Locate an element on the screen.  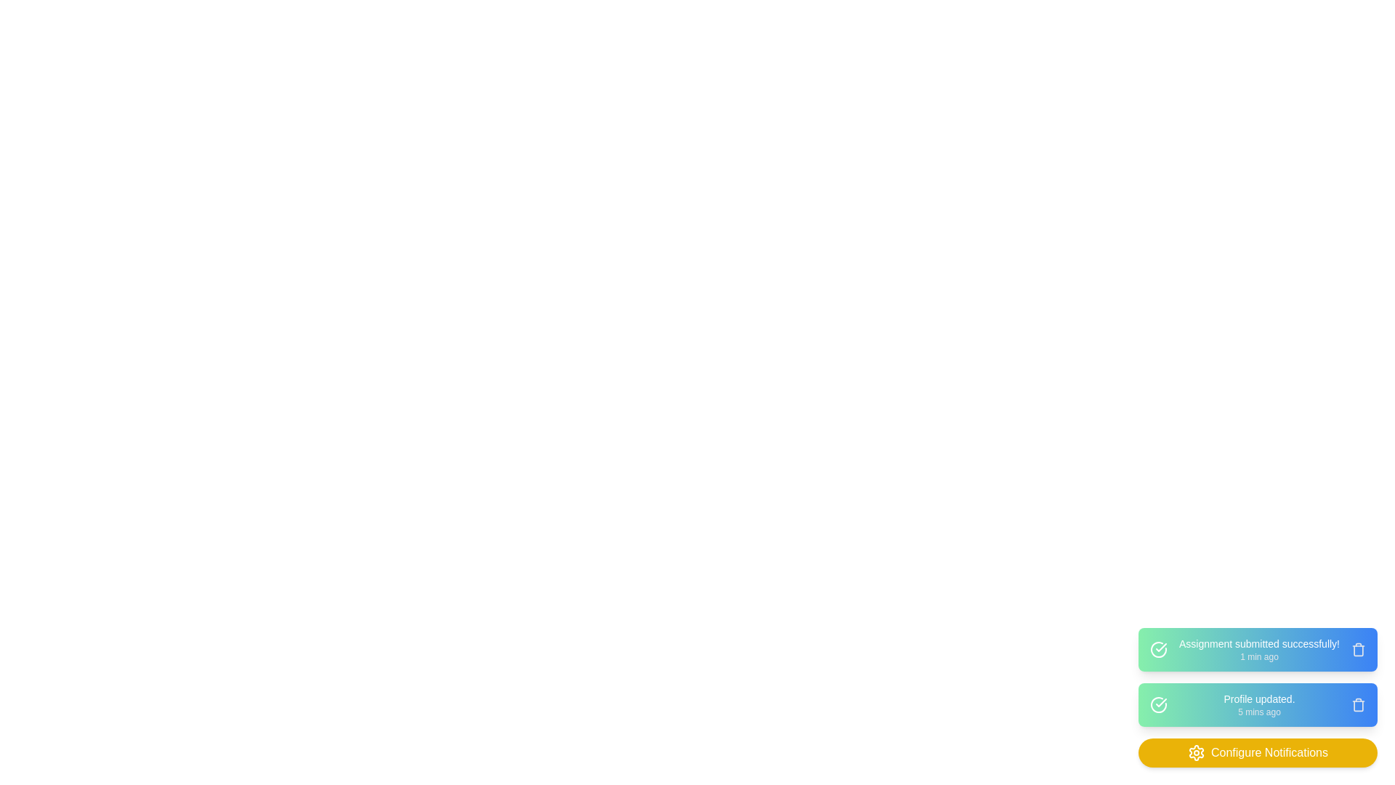
the 'Configure Notifications' button to open the notification settings is located at coordinates (1257, 752).